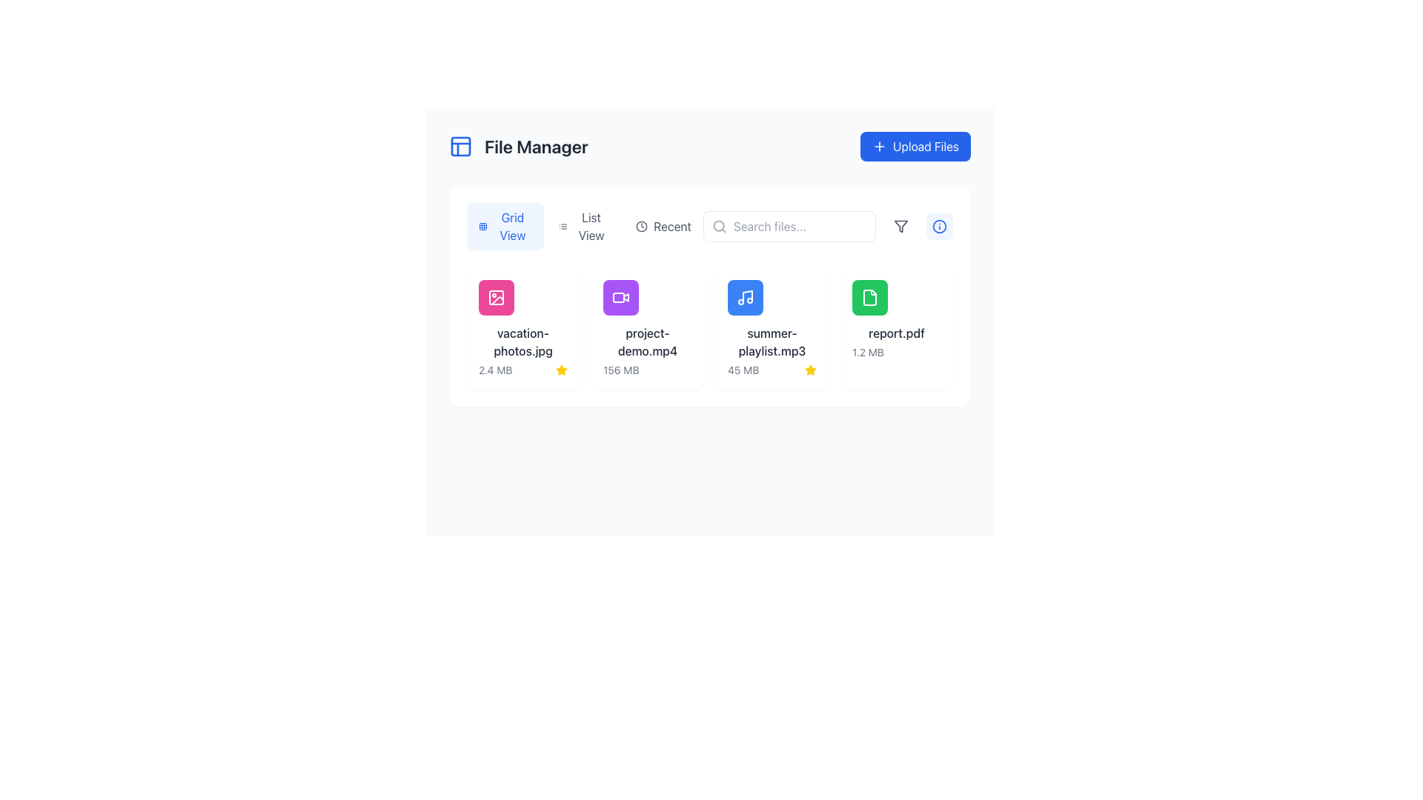 The image size is (1423, 800). I want to click on the text label displaying '2.4 MB' that is styled in gray and positioned below the 'vacation-photos.jpg' file name in the file manager interface, so click(495, 370).